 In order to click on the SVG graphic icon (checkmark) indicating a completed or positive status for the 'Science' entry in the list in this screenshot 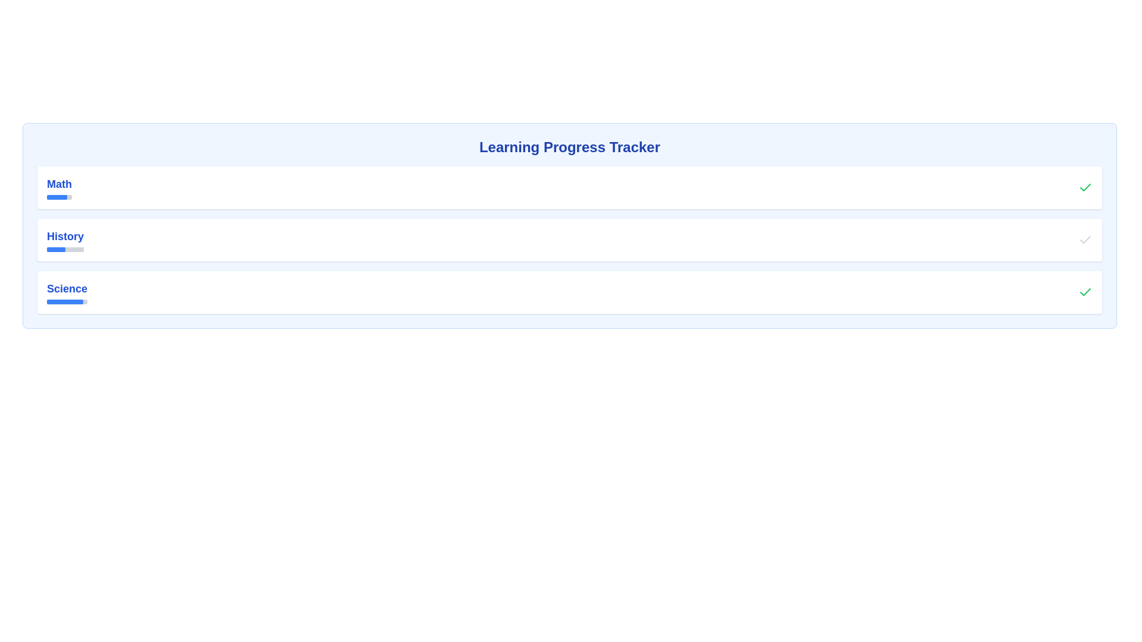, I will do `click(1085, 292)`.